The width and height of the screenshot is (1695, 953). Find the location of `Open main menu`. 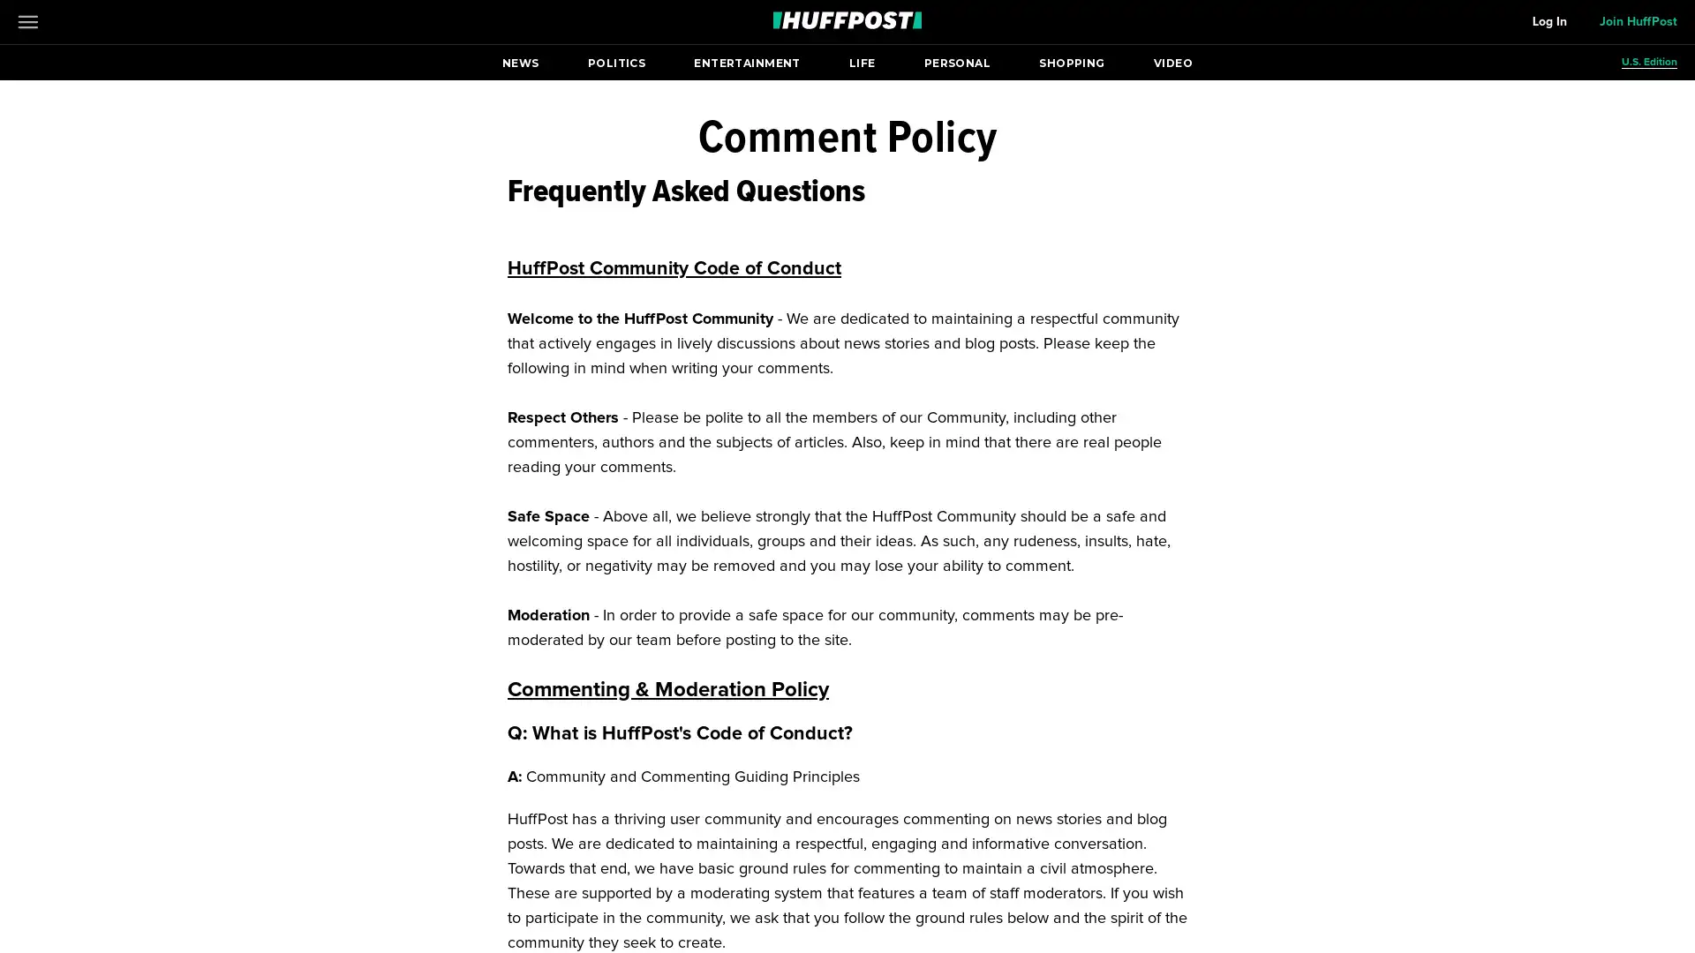

Open main menu is located at coordinates (28, 21).